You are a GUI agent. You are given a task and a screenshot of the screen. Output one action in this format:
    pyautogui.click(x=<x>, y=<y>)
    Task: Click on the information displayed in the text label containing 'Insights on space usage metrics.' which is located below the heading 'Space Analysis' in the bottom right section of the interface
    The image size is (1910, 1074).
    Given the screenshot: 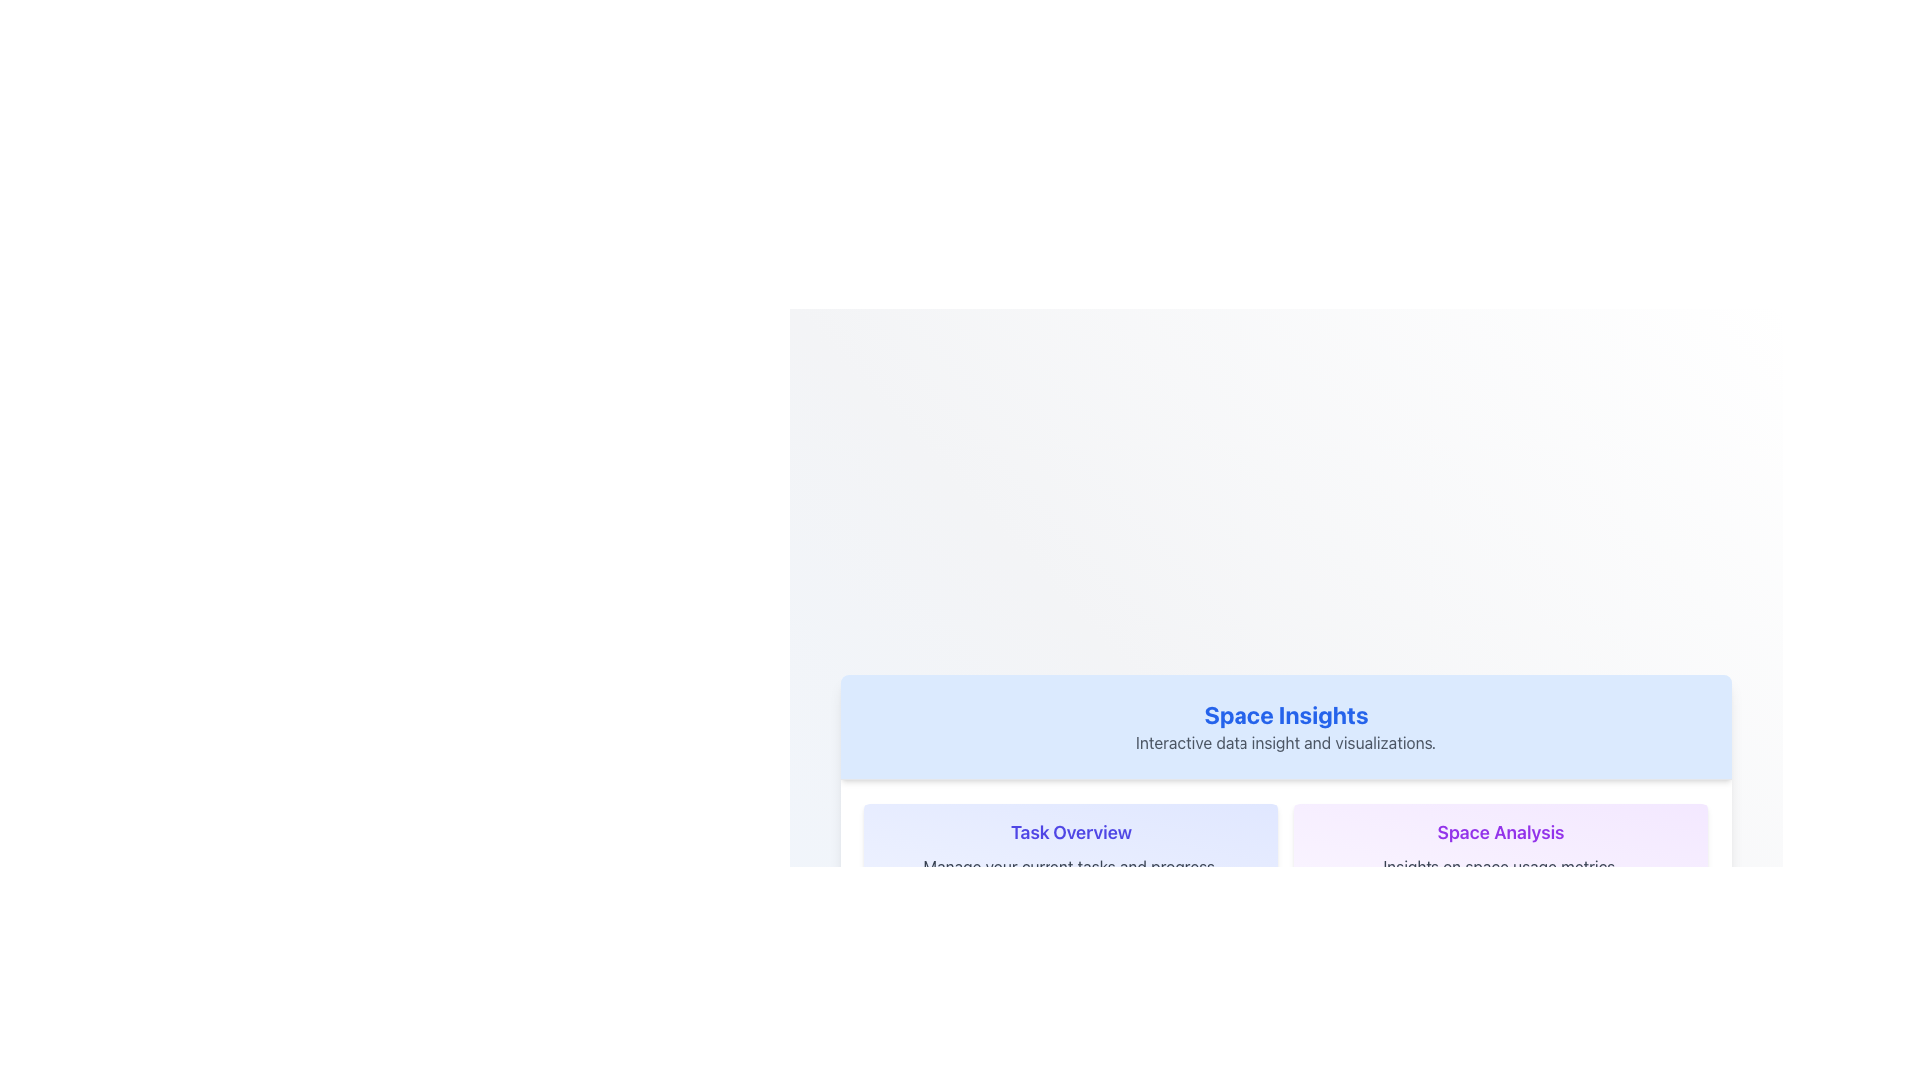 What is the action you would take?
    pyautogui.click(x=1500, y=865)
    